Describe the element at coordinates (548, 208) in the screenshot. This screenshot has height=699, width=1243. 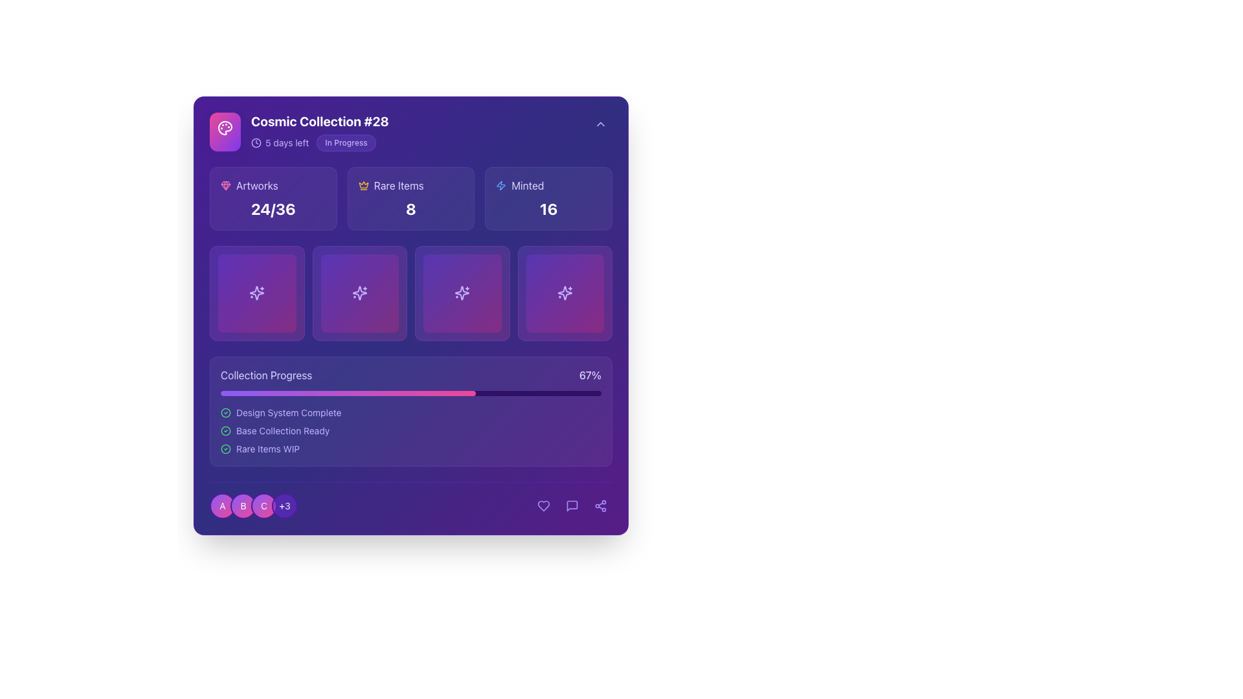
I see `the text element that displays the numerical value of minted items, located within the 'Minted' box in the top portion of the interface` at that location.